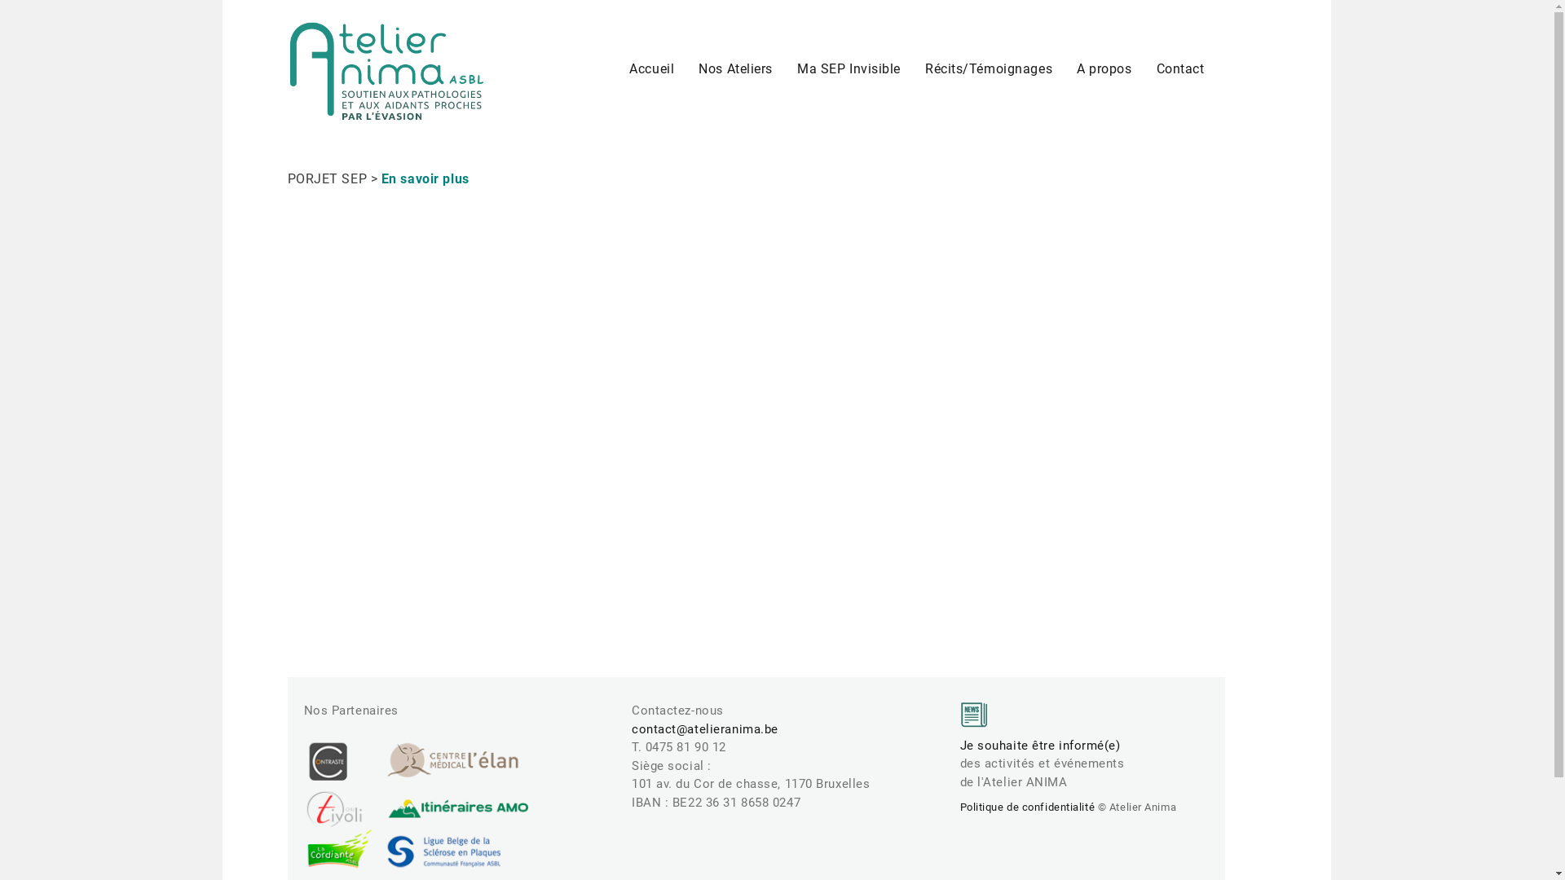  I want to click on 'Contact', so click(1180, 68).